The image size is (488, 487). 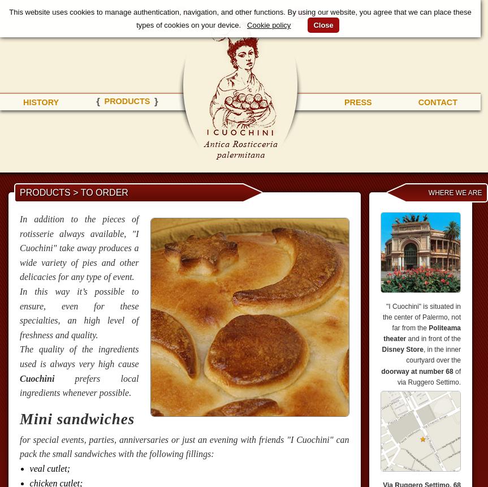 What do you see at coordinates (357, 102) in the screenshot?
I see `'press'` at bounding box center [357, 102].